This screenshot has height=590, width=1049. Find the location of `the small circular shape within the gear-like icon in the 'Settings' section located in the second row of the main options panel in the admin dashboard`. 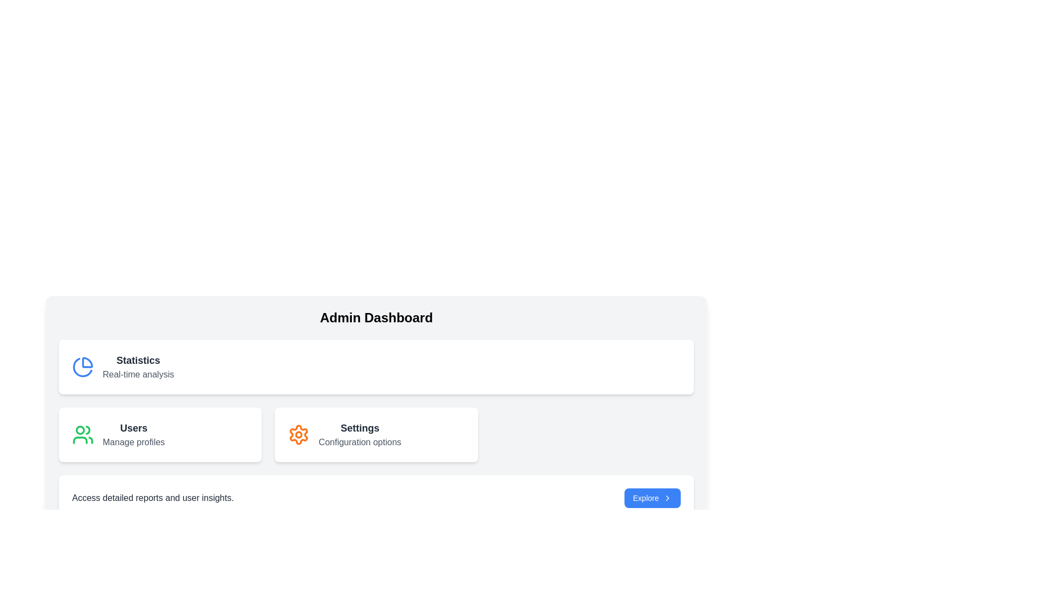

the small circular shape within the gear-like icon in the 'Settings' section located in the second row of the main options panel in the admin dashboard is located at coordinates (299, 434).